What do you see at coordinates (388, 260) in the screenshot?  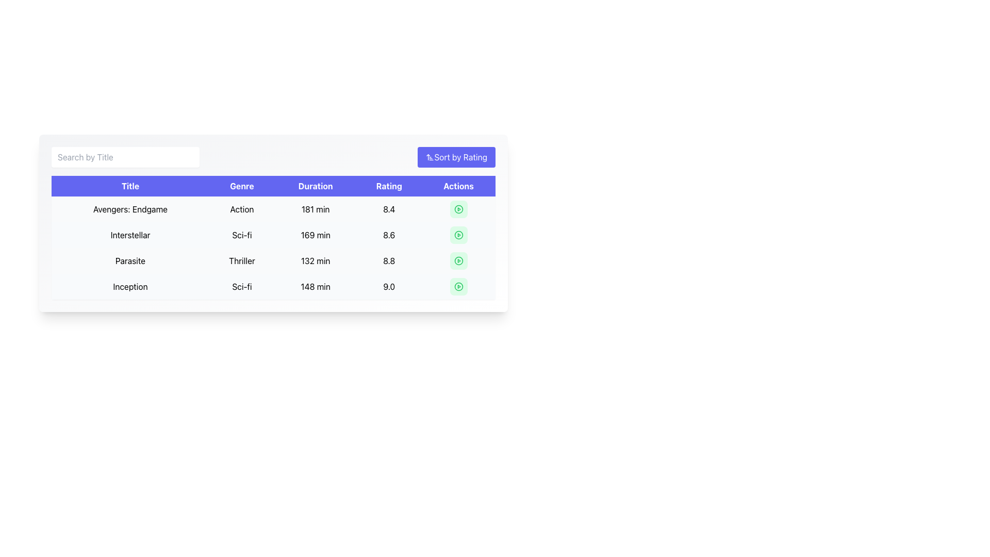 I see `the static text element displaying '8.8', located in the 'Rating' column of the movie 'Parasite'` at bounding box center [388, 260].